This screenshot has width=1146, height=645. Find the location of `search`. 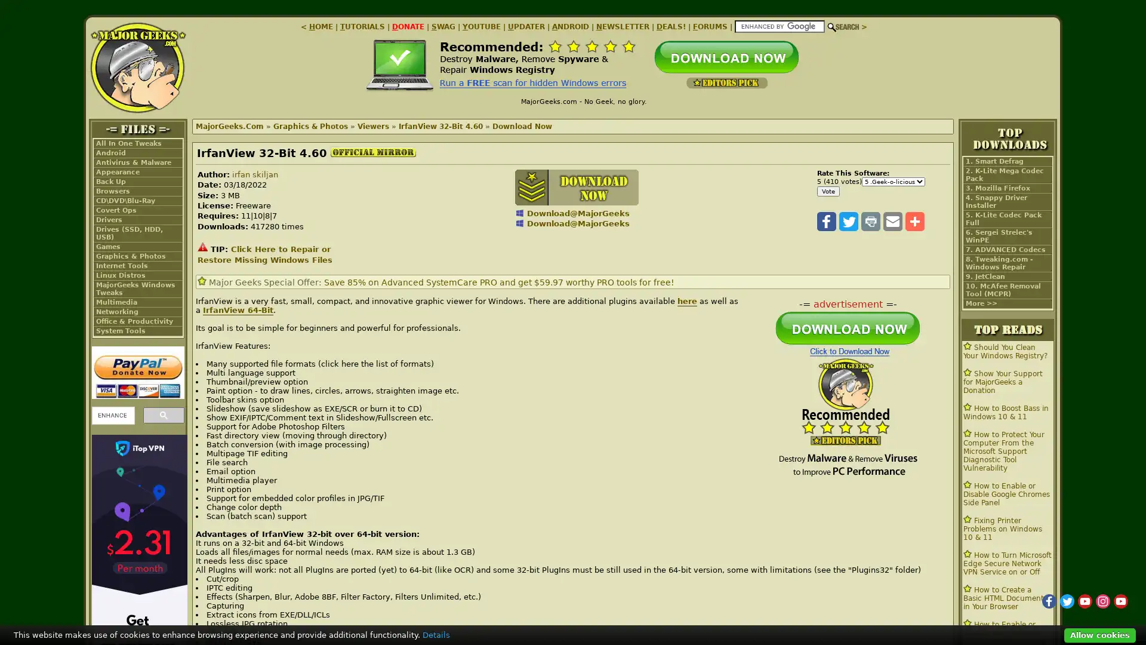

search is located at coordinates (163, 414).